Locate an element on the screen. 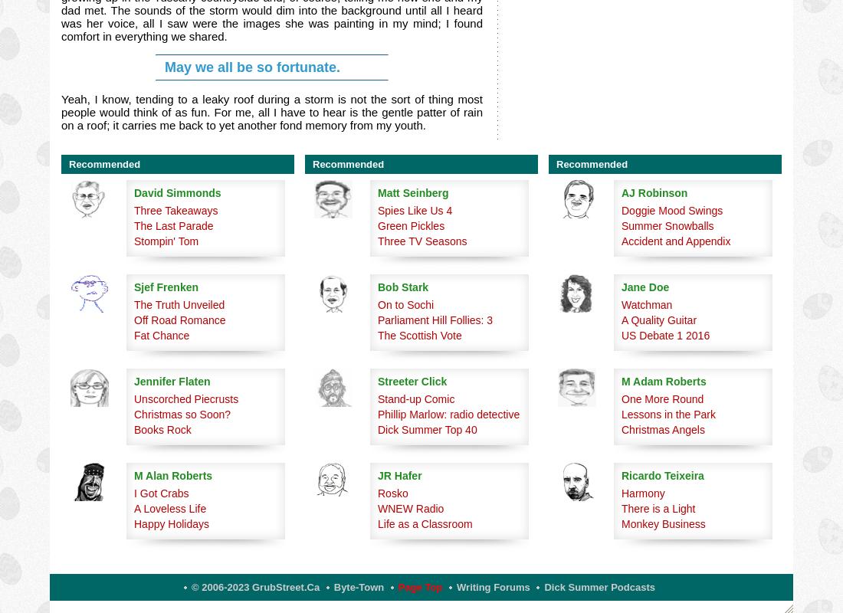  'M Alan Roberts' is located at coordinates (133, 475).